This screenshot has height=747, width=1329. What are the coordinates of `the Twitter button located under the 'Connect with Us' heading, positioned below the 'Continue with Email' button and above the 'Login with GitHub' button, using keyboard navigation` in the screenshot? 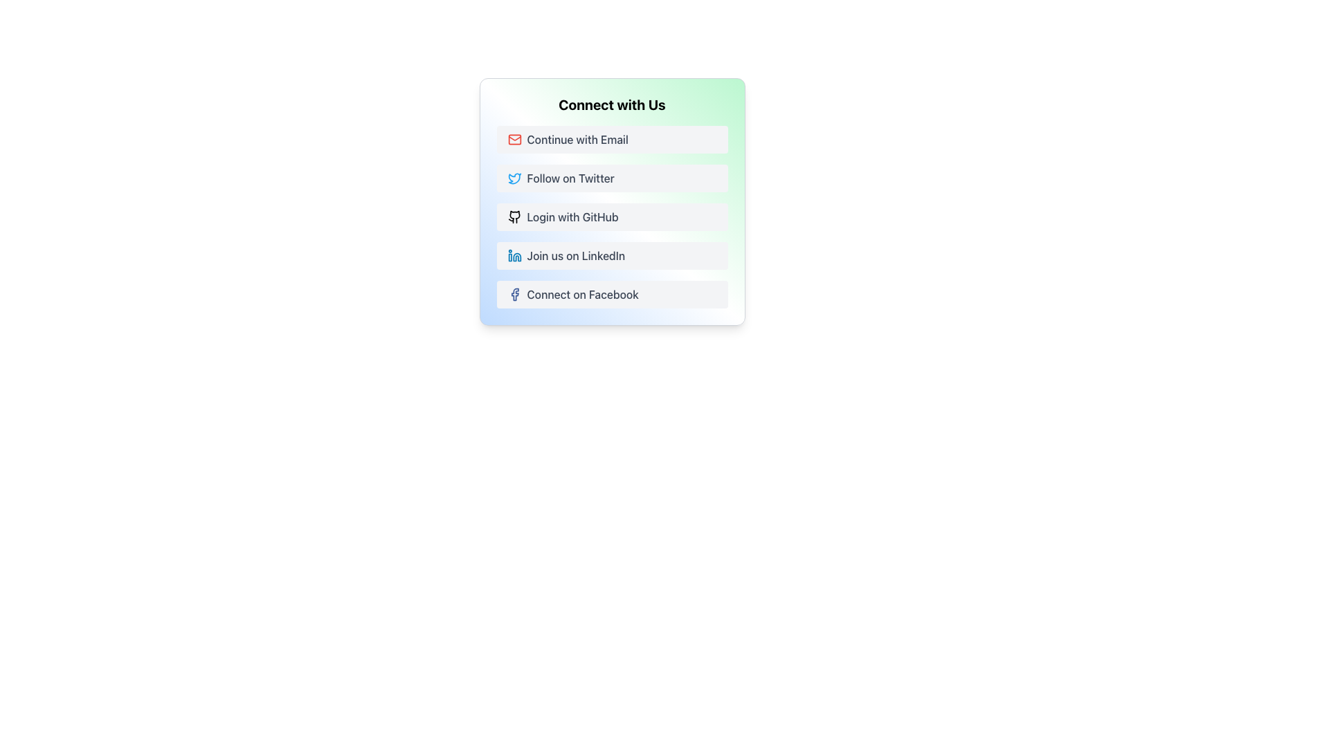 It's located at (611, 178).